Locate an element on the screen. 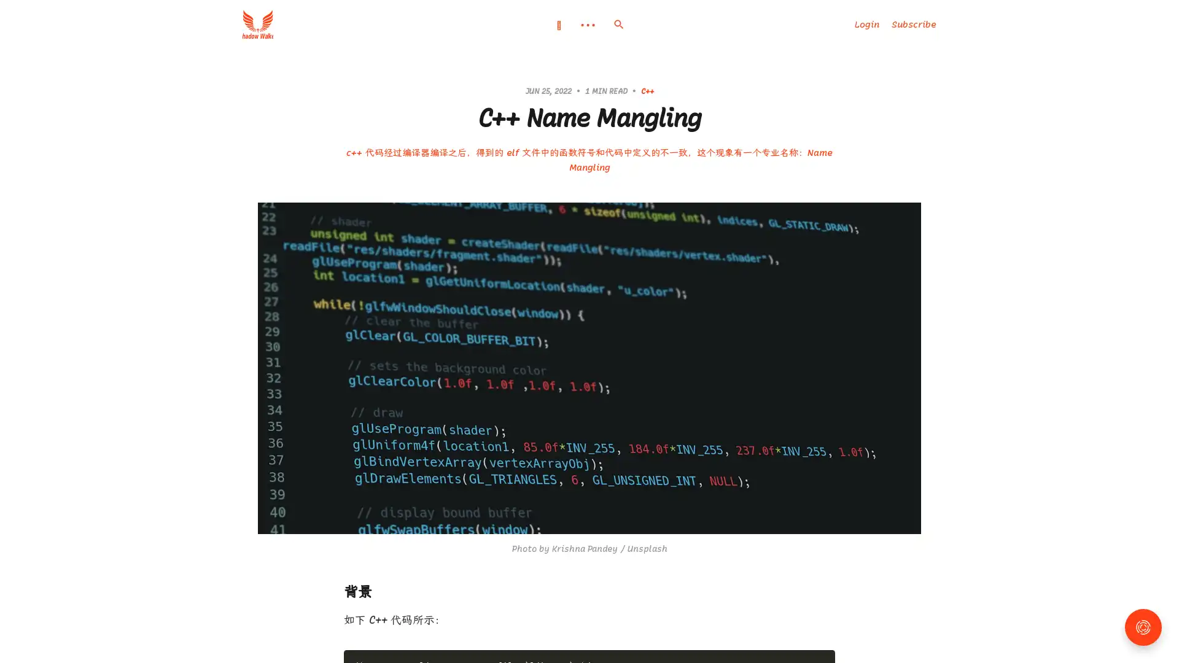 The image size is (1179, 663). Copy is located at coordinates (821, 655).